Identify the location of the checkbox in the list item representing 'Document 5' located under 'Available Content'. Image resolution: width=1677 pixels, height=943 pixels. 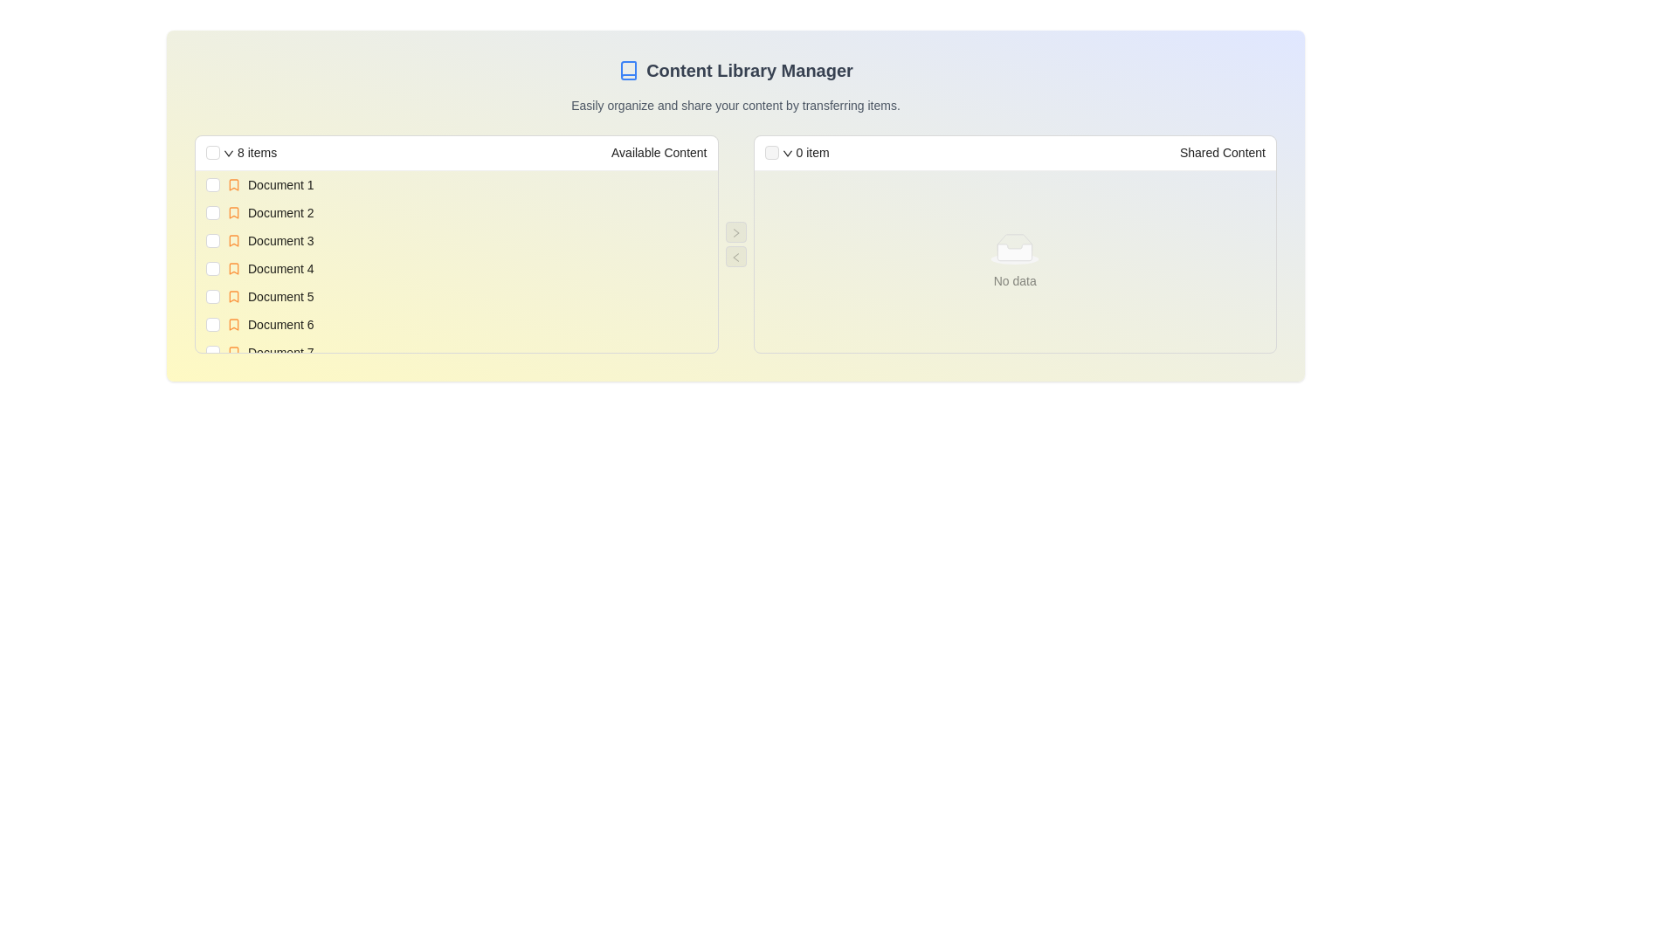
(456, 295).